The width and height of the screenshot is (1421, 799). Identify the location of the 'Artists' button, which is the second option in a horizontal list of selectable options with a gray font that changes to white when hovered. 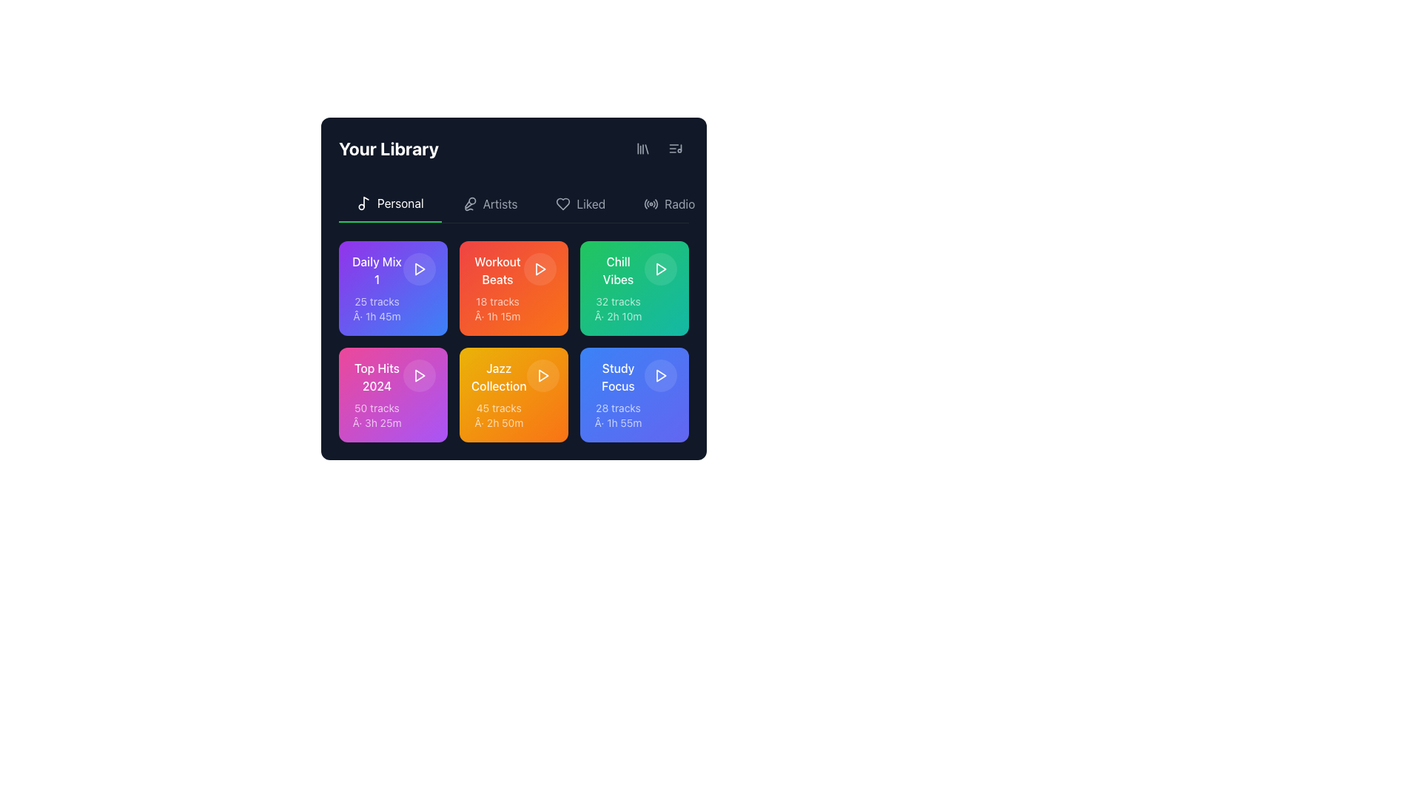
(490, 204).